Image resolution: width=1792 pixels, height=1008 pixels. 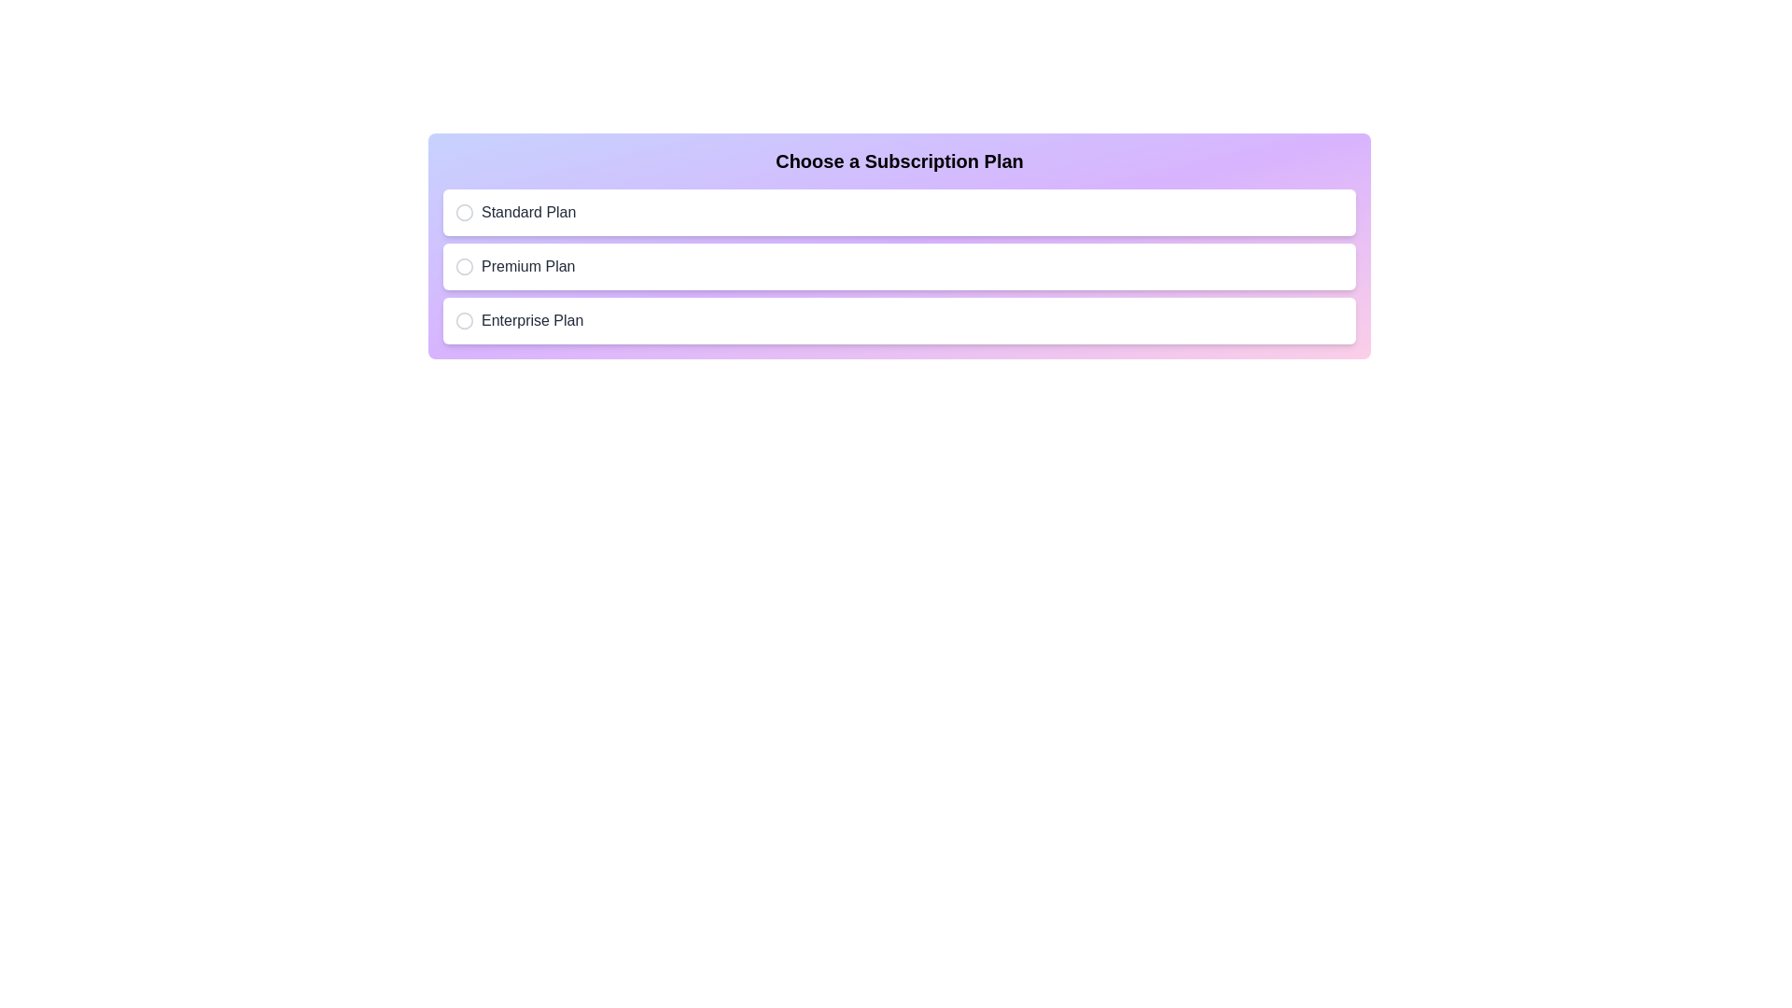 What do you see at coordinates (465, 266) in the screenshot?
I see `the radio button that allows the user to select the 'Premium Plan' subscription option` at bounding box center [465, 266].